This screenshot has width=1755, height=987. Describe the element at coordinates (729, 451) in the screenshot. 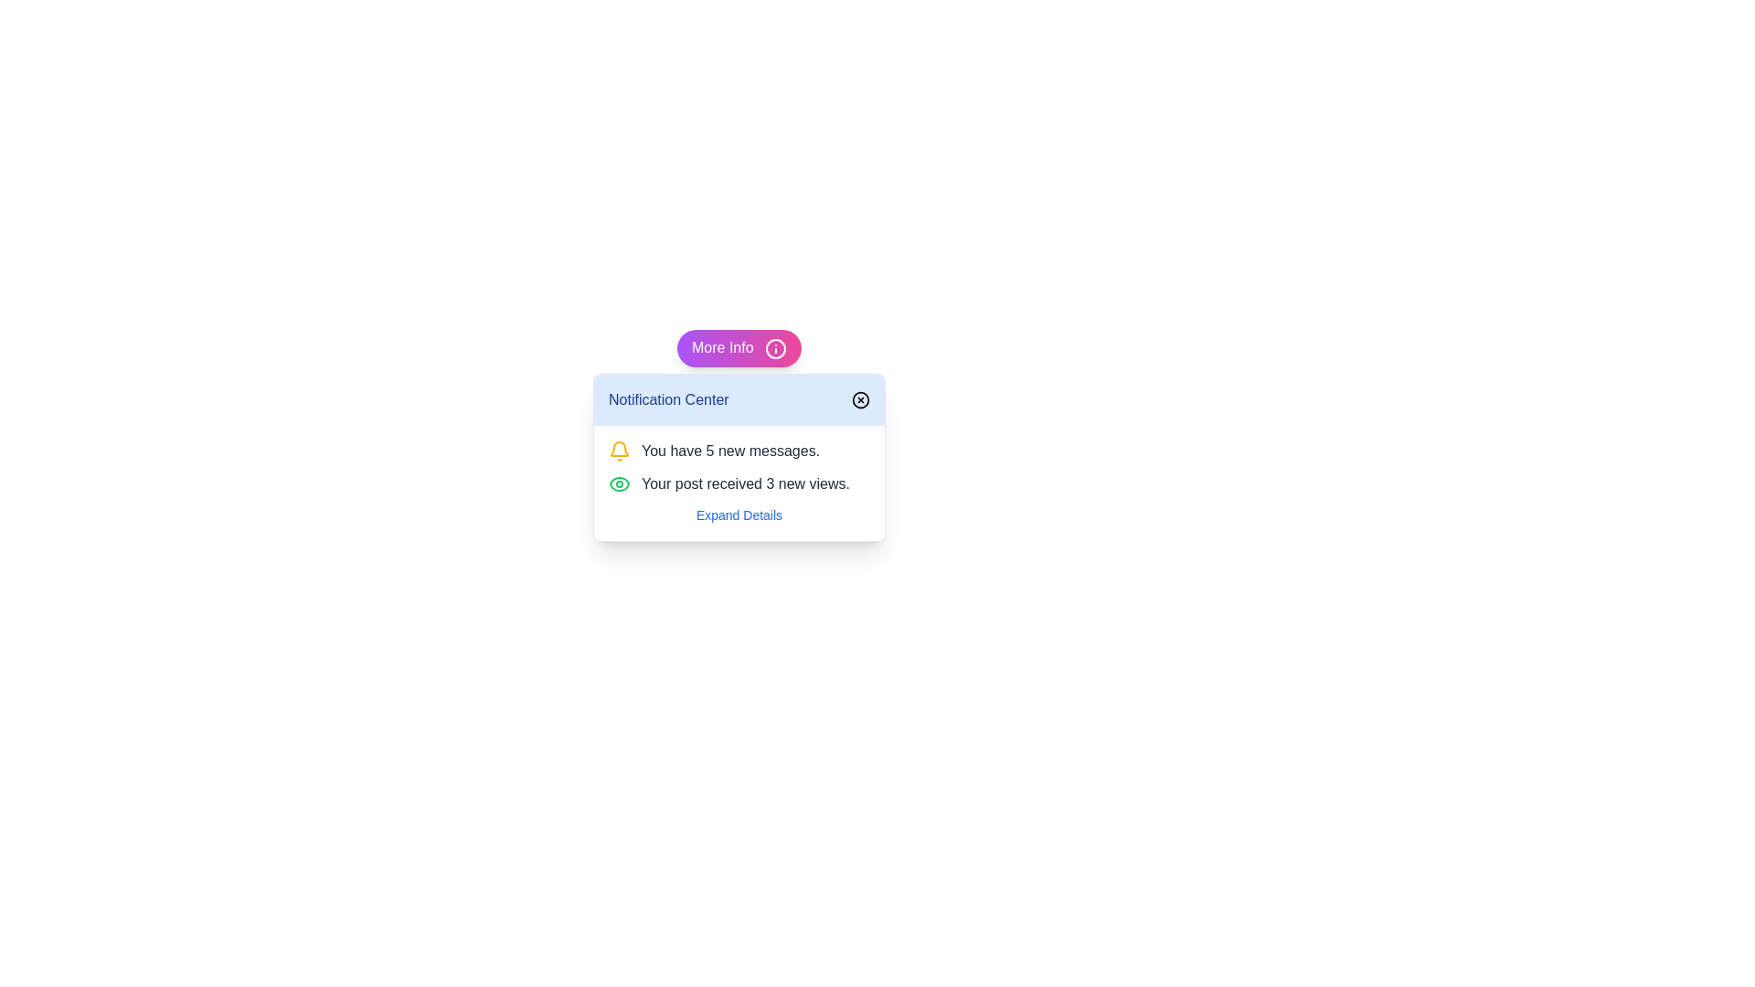

I see `the text label that indicates there are 5 new messages in the Notification Center` at that location.